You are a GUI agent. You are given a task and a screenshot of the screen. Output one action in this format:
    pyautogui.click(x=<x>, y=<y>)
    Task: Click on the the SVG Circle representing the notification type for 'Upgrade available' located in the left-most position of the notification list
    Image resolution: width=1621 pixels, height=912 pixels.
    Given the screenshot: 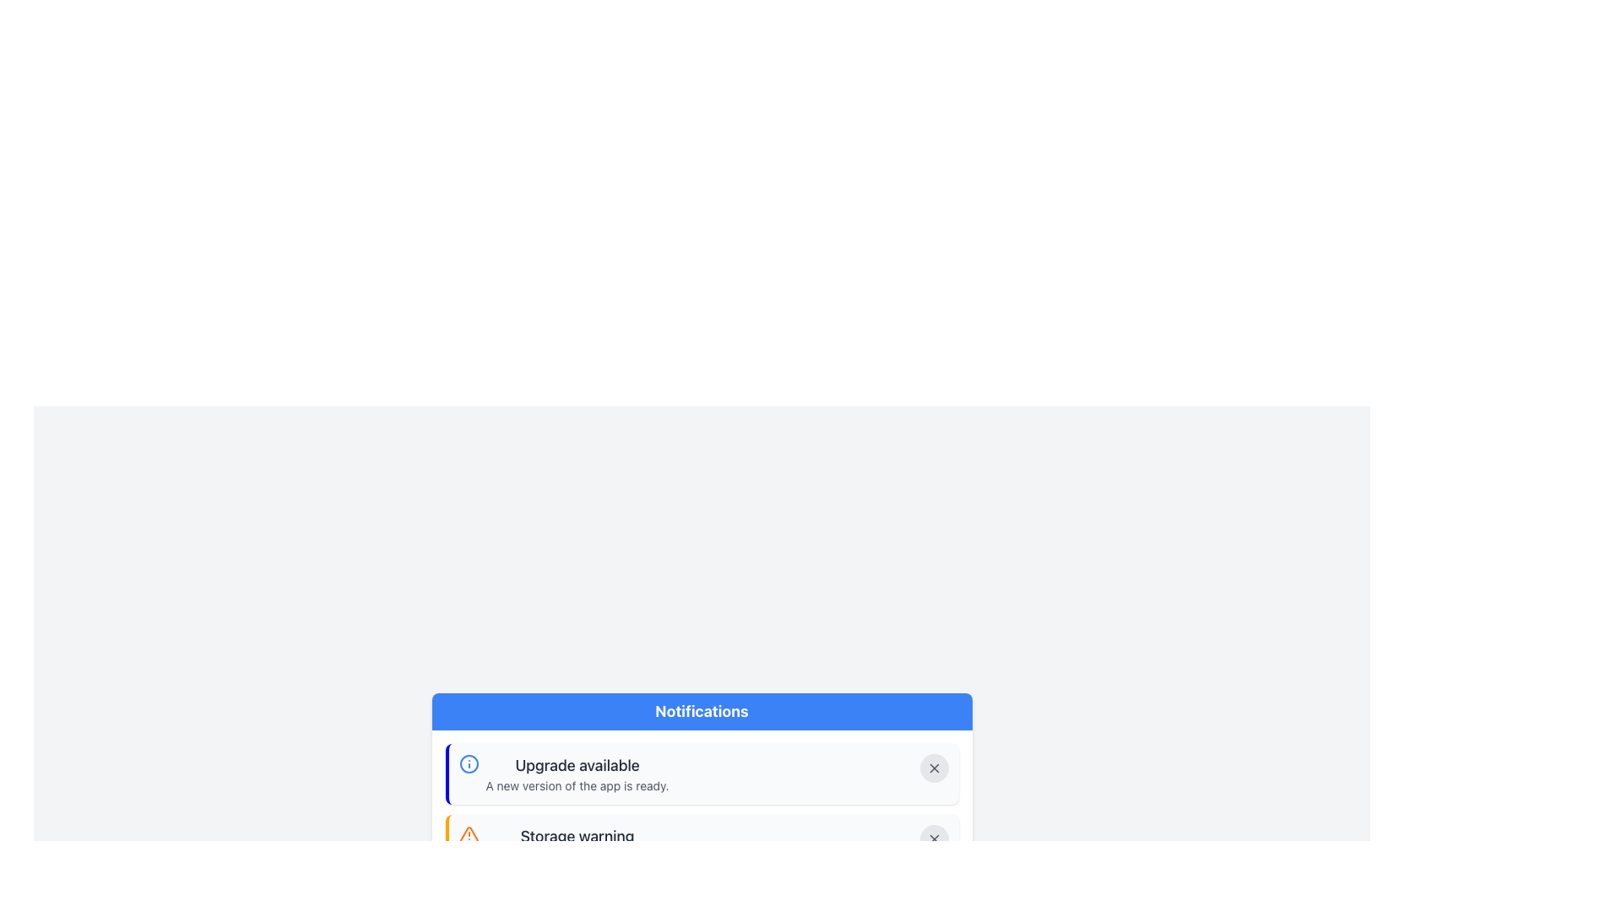 What is the action you would take?
    pyautogui.click(x=469, y=764)
    